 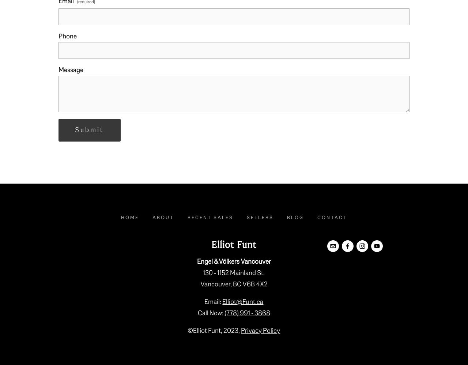 What do you see at coordinates (233, 272) in the screenshot?
I see `'130 - 1152 Mainland St.'` at bounding box center [233, 272].